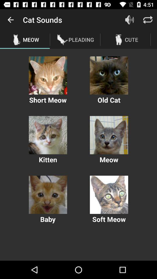  What do you see at coordinates (10, 20) in the screenshot?
I see `item above the meow icon` at bounding box center [10, 20].